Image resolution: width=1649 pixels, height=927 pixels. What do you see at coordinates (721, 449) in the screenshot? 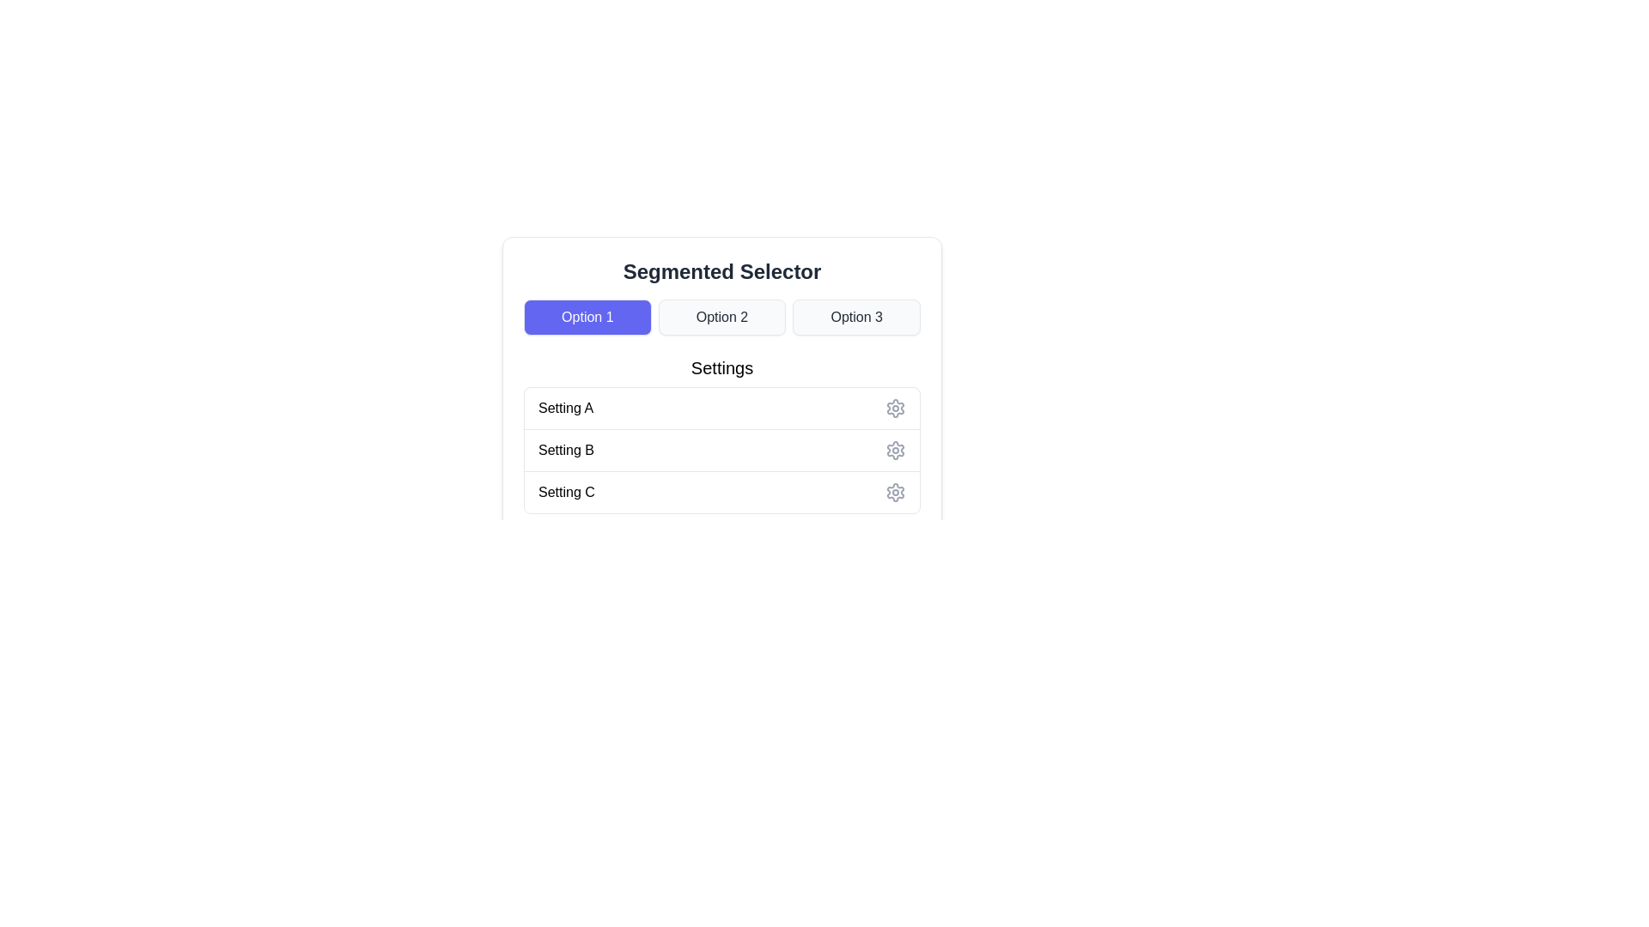
I see `the second row labeled 'Setting B' in the settings options` at bounding box center [721, 449].